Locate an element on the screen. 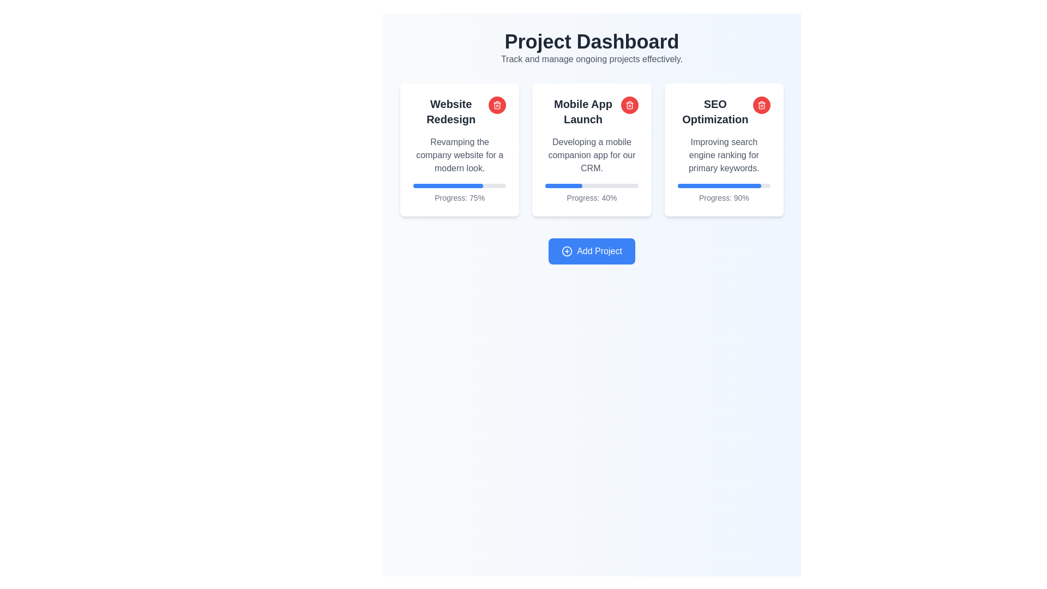  the progress percentage label in the 'Mobile App Launch' card, which is positioned below the progress bar and centered horizontally is located at coordinates (591, 197).